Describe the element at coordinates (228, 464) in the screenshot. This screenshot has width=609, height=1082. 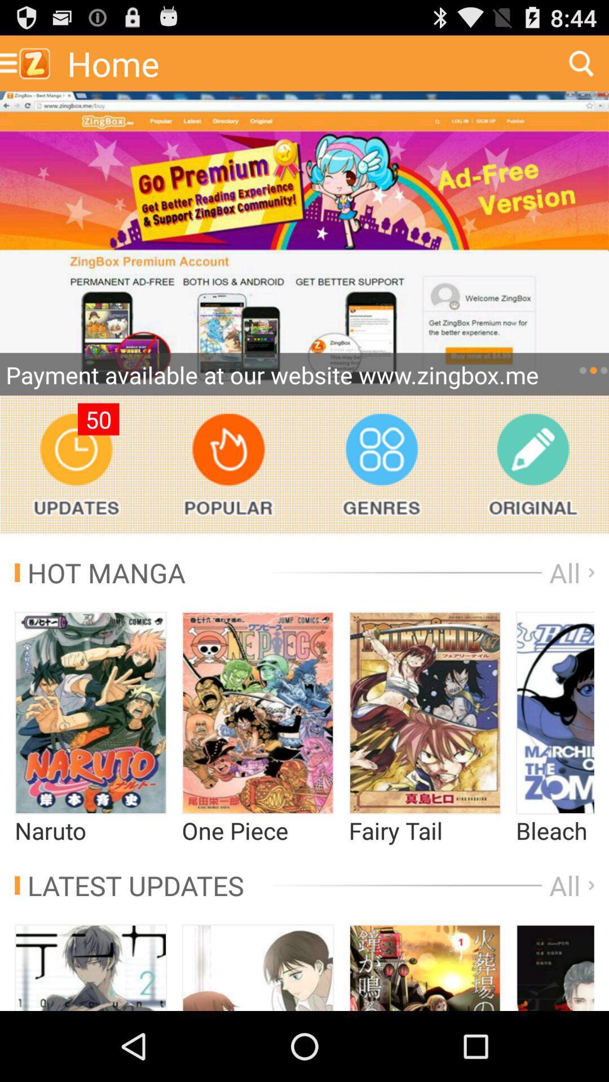
I see `popular` at that location.